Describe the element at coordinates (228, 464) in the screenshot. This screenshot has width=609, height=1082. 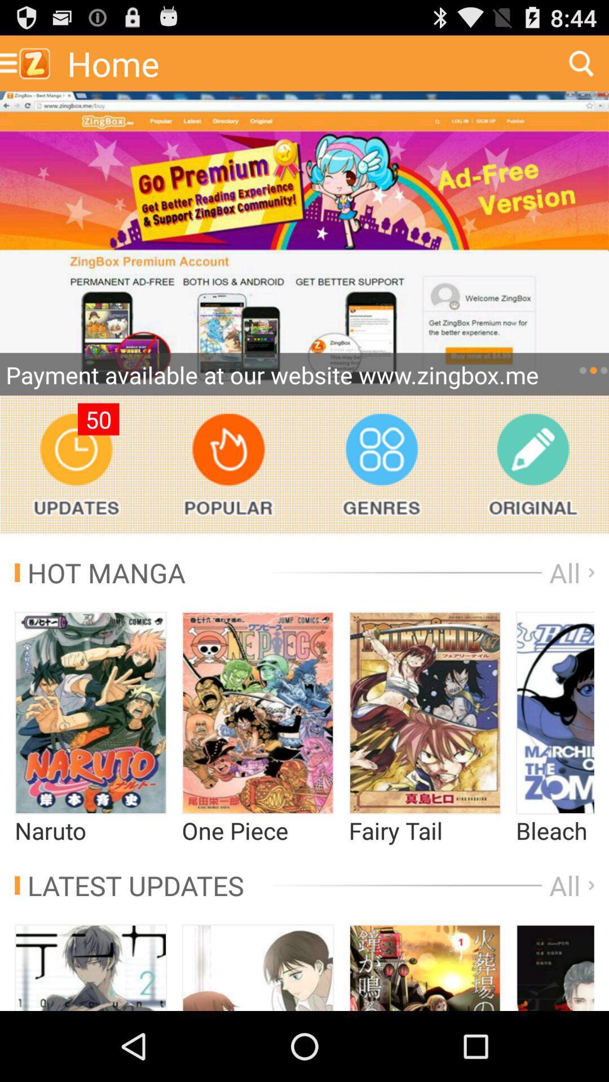
I see `popular` at that location.